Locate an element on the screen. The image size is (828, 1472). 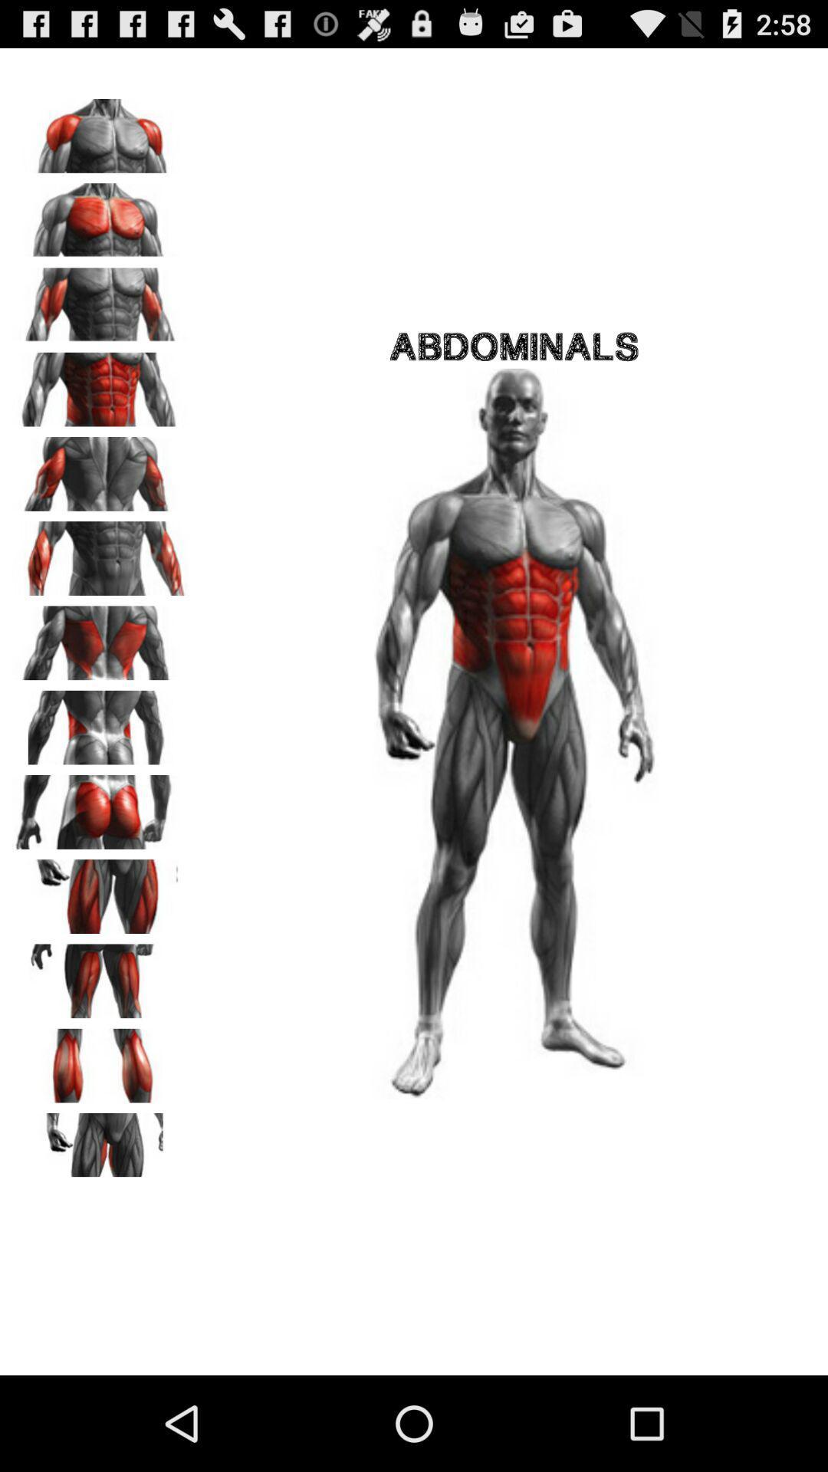
new workout area is located at coordinates (100, 214).